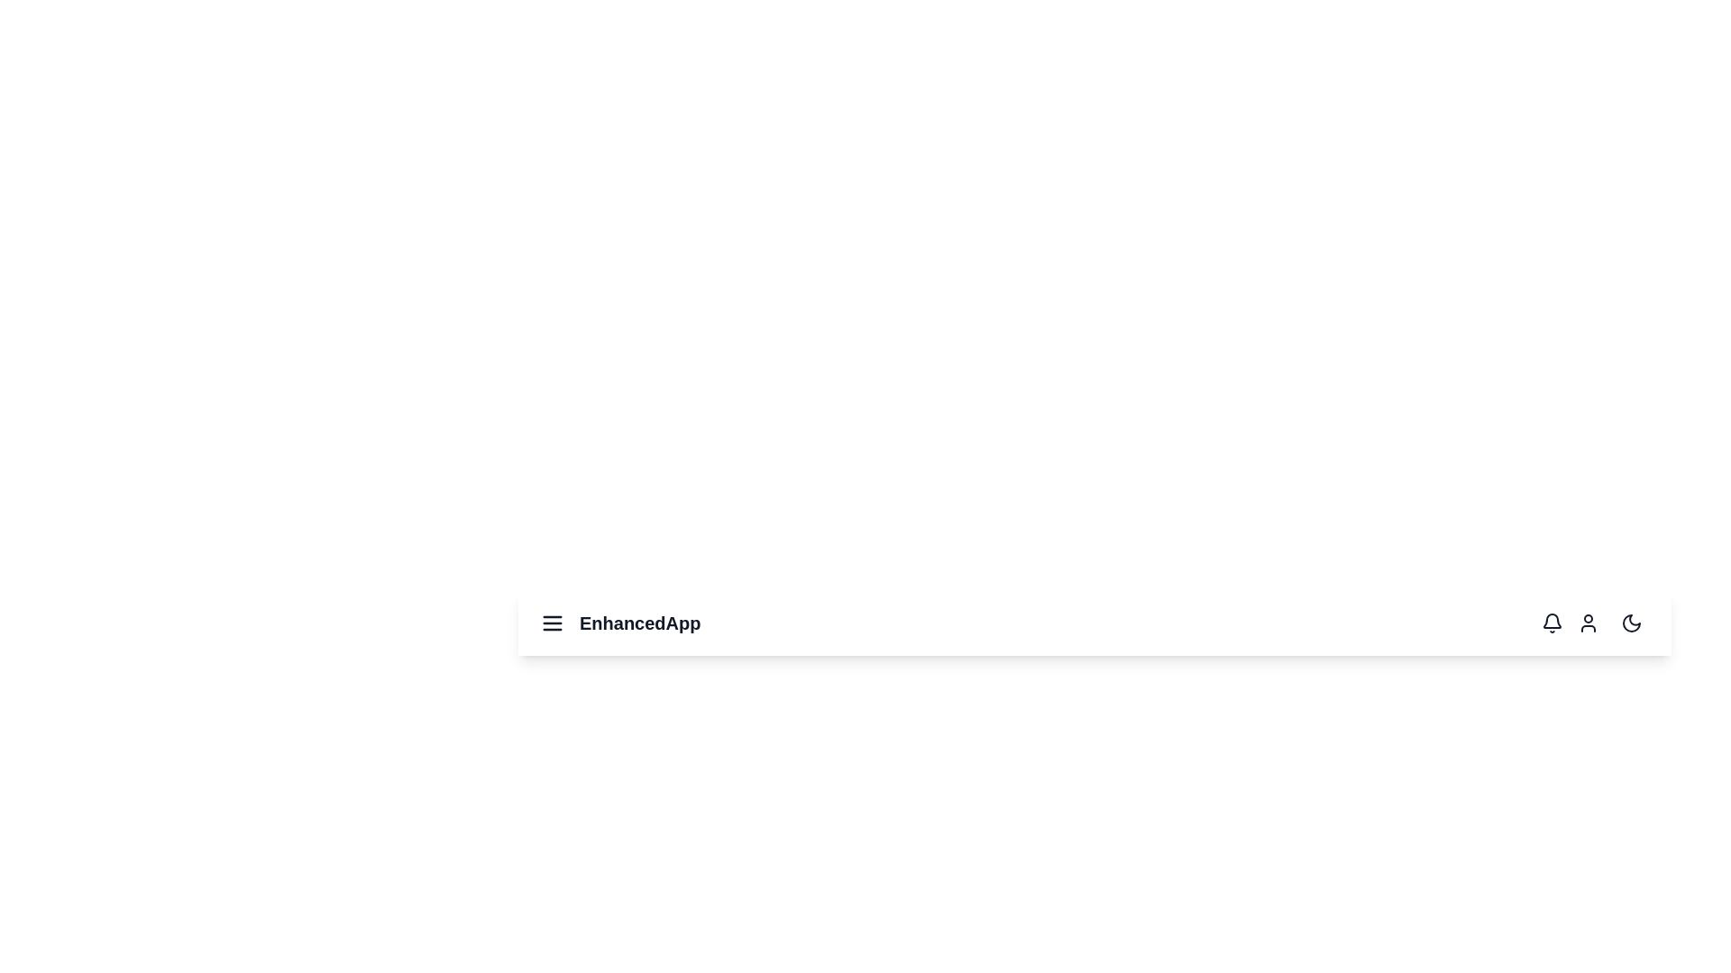  Describe the element at coordinates (552, 622) in the screenshot. I see `the menu icon to open the menu` at that location.